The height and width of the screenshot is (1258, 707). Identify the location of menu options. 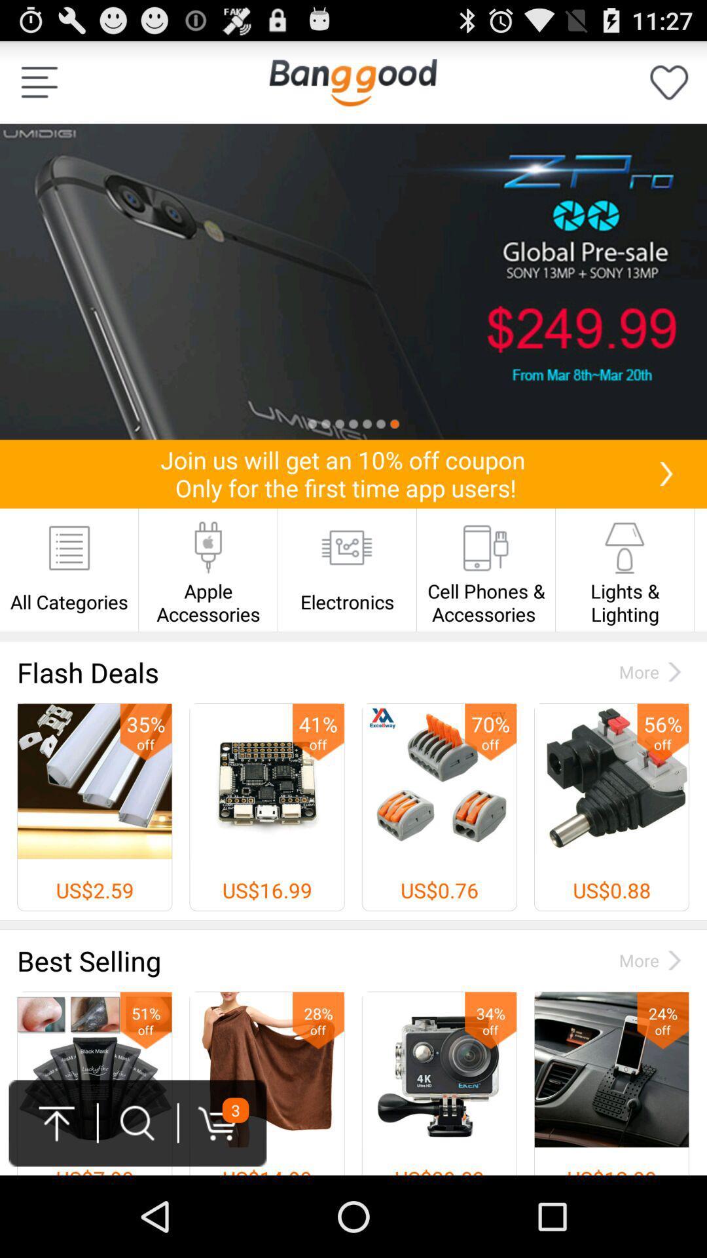
(39, 81).